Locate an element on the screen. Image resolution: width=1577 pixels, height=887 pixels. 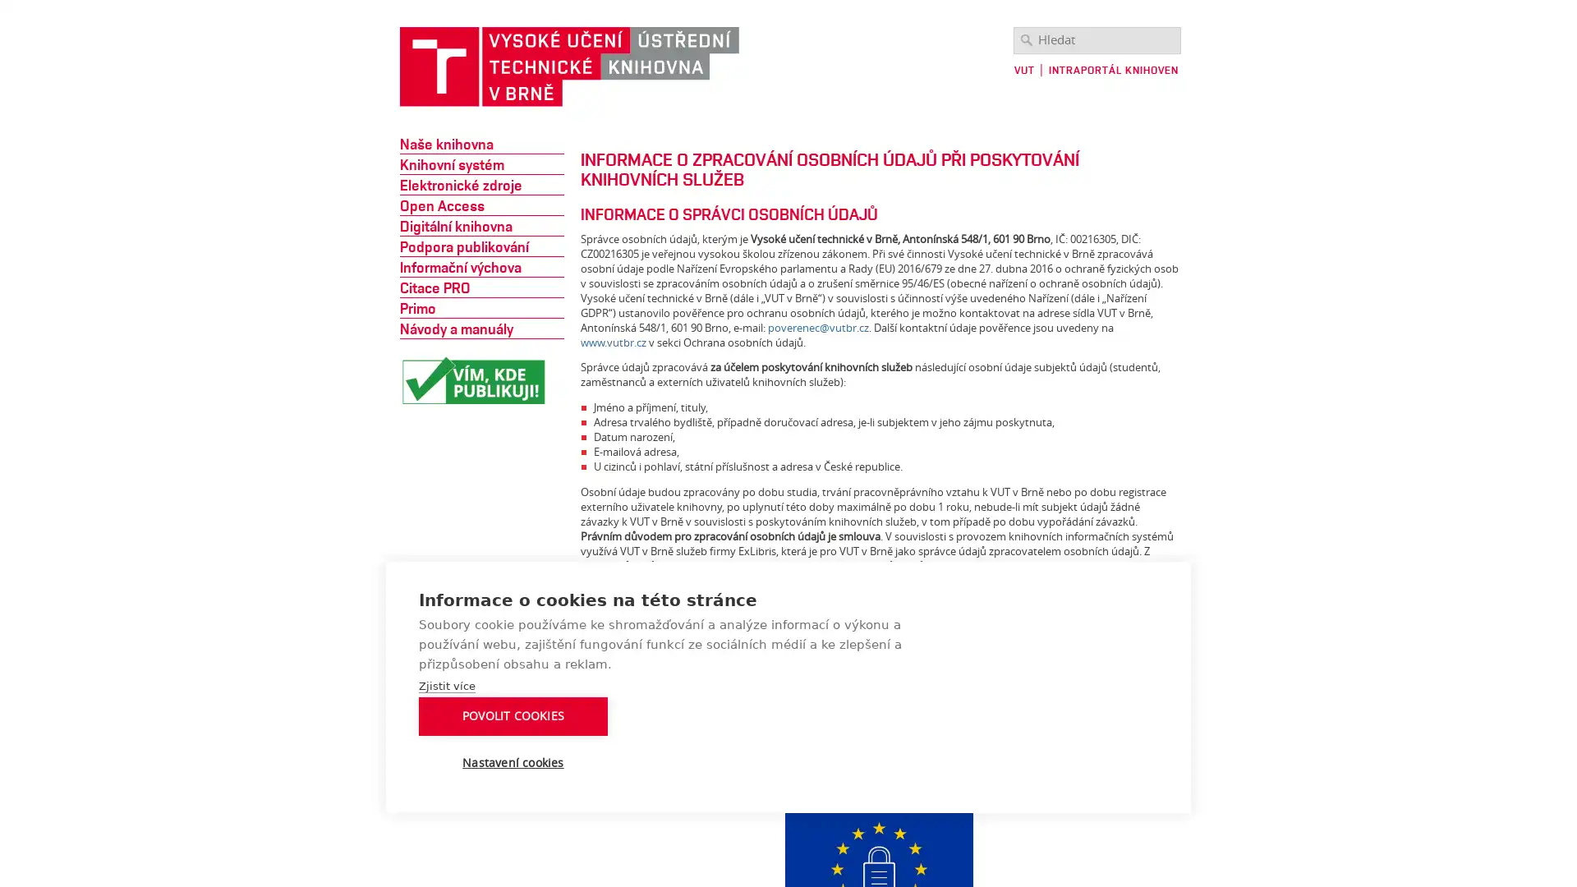
POVOLIT COOKIES is located at coordinates (1060, 696).